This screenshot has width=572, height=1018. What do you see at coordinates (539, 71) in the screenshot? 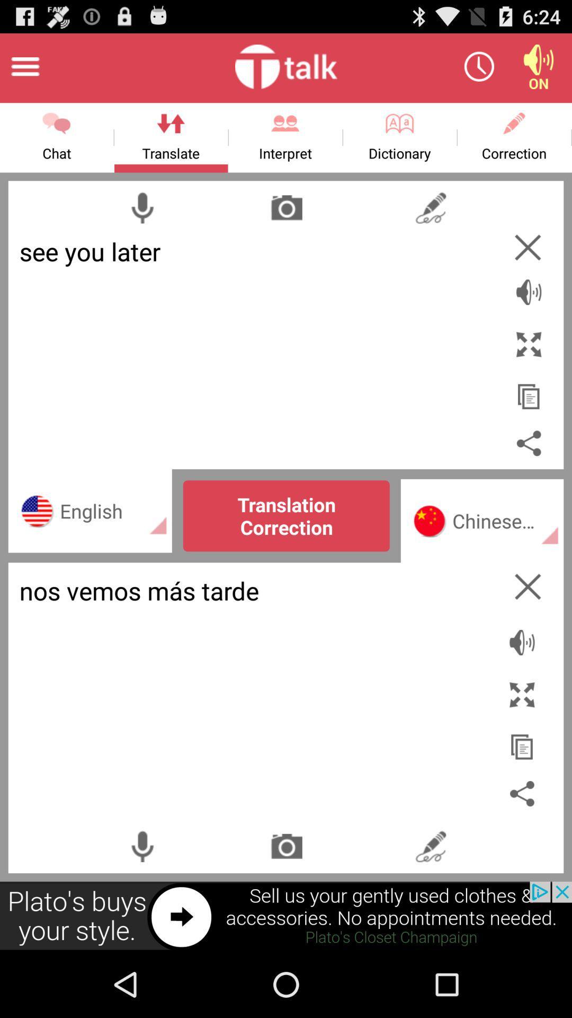
I see `the volume icon` at bounding box center [539, 71].